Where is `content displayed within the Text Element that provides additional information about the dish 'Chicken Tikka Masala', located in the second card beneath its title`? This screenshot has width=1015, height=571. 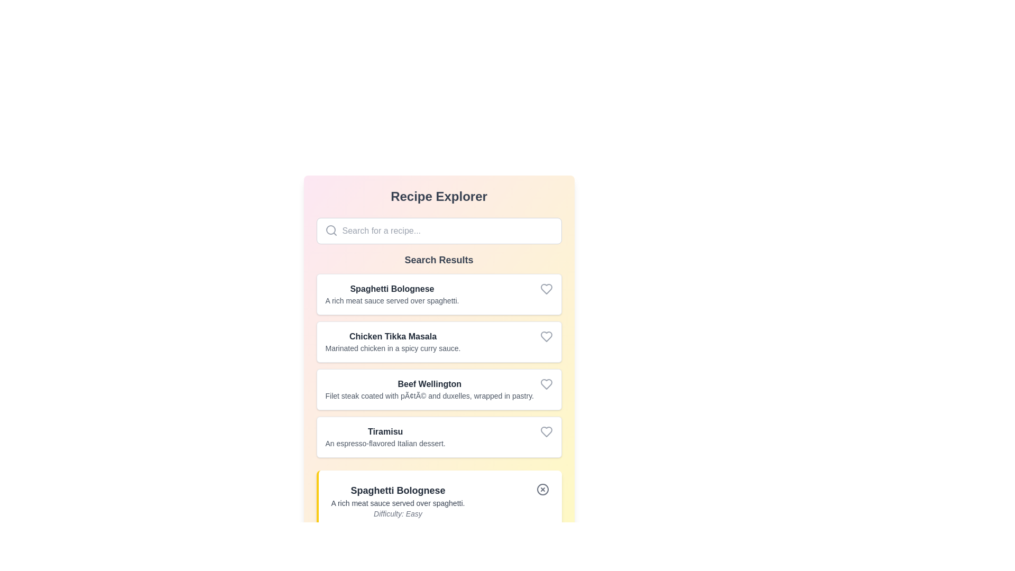 content displayed within the Text Element that provides additional information about the dish 'Chicken Tikka Masala', located in the second card beneath its title is located at coordinates (392, 348).